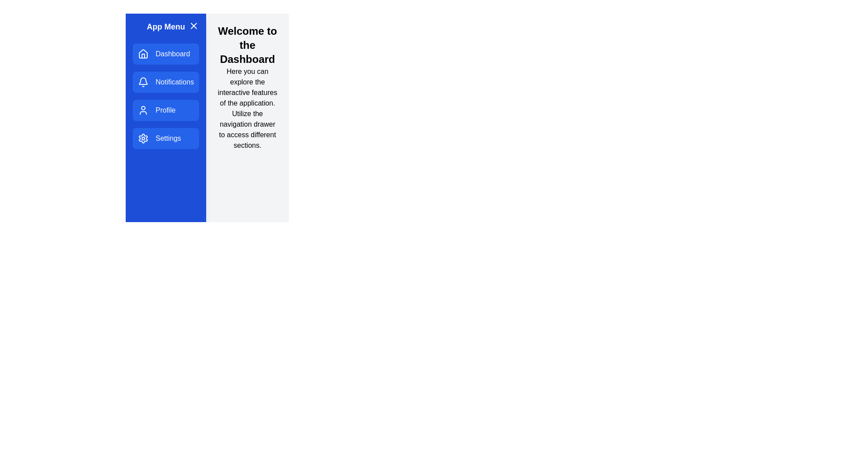 The width and height of the screenshot is (844, 475). What do you see at coordinates (166, 26) in the screenshot?
I see `the static text label at the top of the vertical menu panel on the left side of the interface, which indicates the menu's purpose` at bounding box center [166, 26].